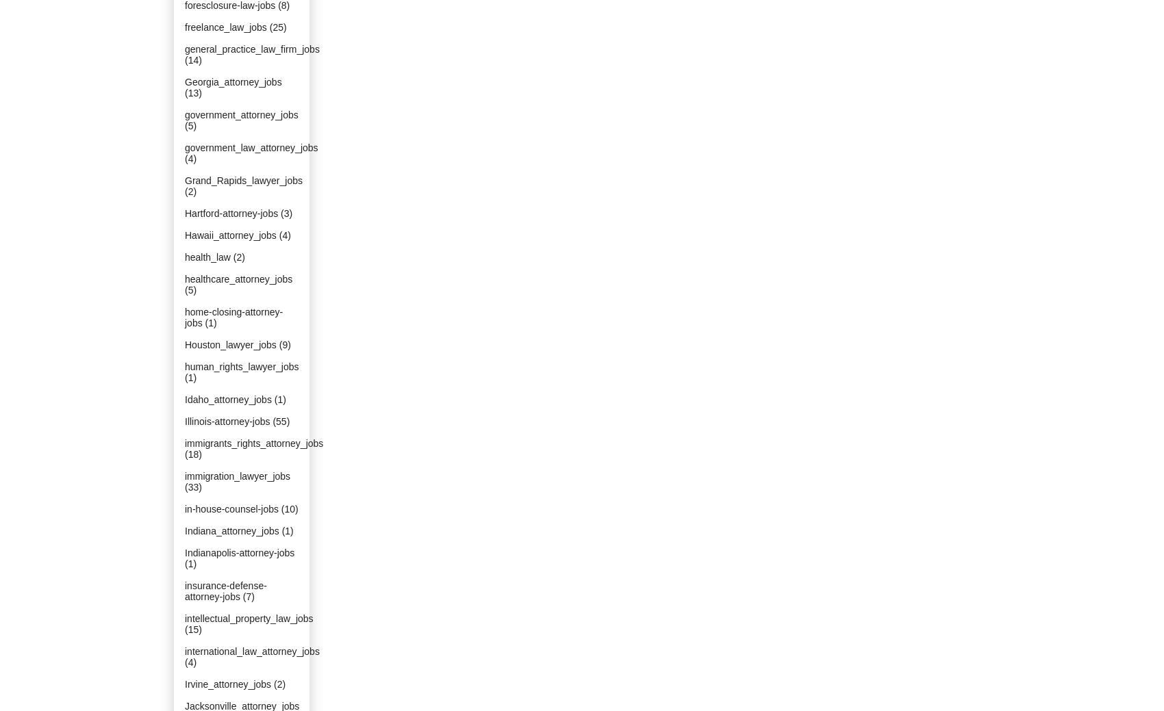 The image size is (1164, 711). Describe the element at coordinates (227, 684) in the screenshot. I see `'Irvine_attorney_jobs'` at that location.